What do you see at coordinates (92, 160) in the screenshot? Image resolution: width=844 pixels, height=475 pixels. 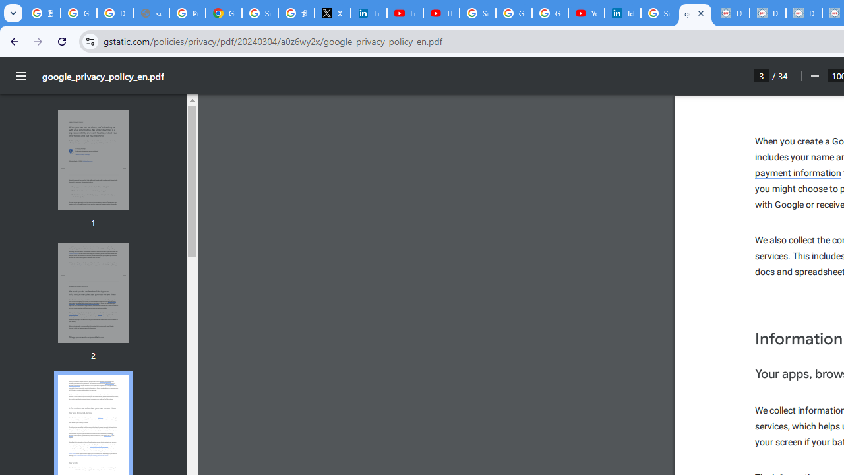 I see `'Thumbnail for page 1'` at bounding box center [92, 160].